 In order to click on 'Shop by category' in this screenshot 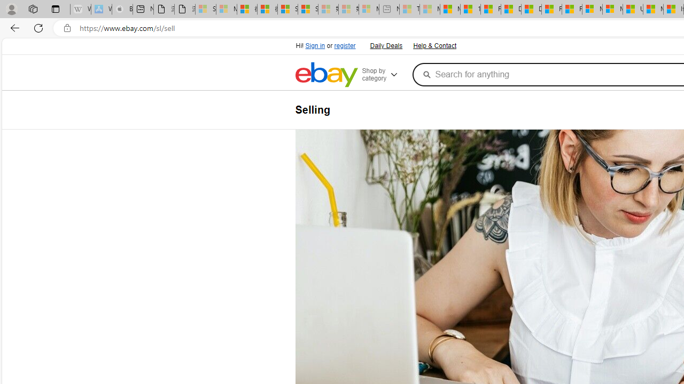, I will do `click(385, 74)`.